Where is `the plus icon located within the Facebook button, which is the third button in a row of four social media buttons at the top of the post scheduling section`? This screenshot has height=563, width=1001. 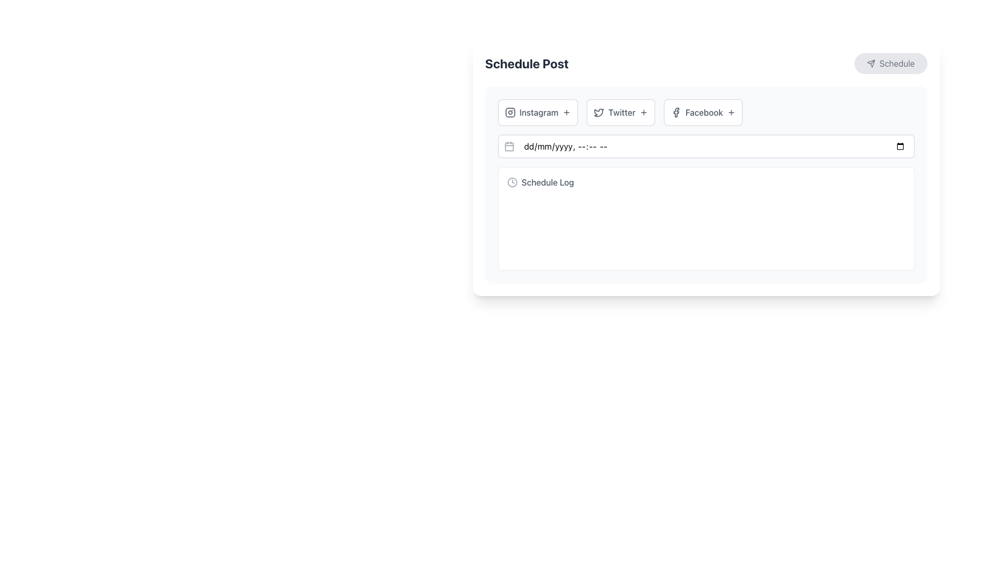 the plus icon located within the Facebook button, which is the third button in a row of four social media buttons at the top of the post scheduling section is located at coordinates (730, 113).